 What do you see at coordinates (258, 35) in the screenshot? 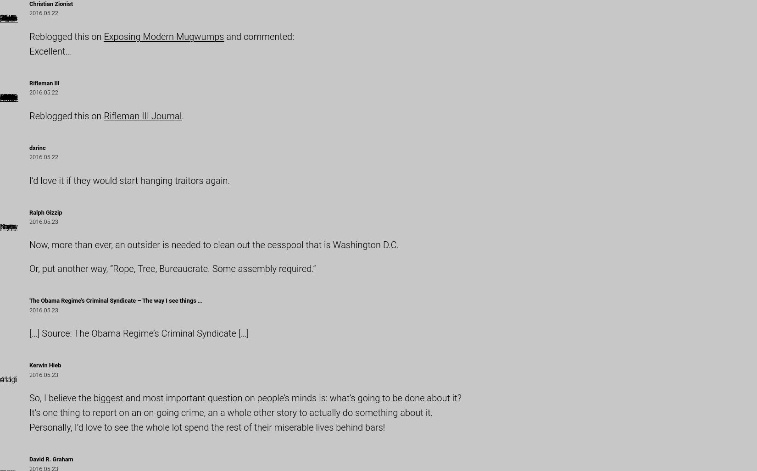
I see `'and commented:'` at bounding box center [258, 35].